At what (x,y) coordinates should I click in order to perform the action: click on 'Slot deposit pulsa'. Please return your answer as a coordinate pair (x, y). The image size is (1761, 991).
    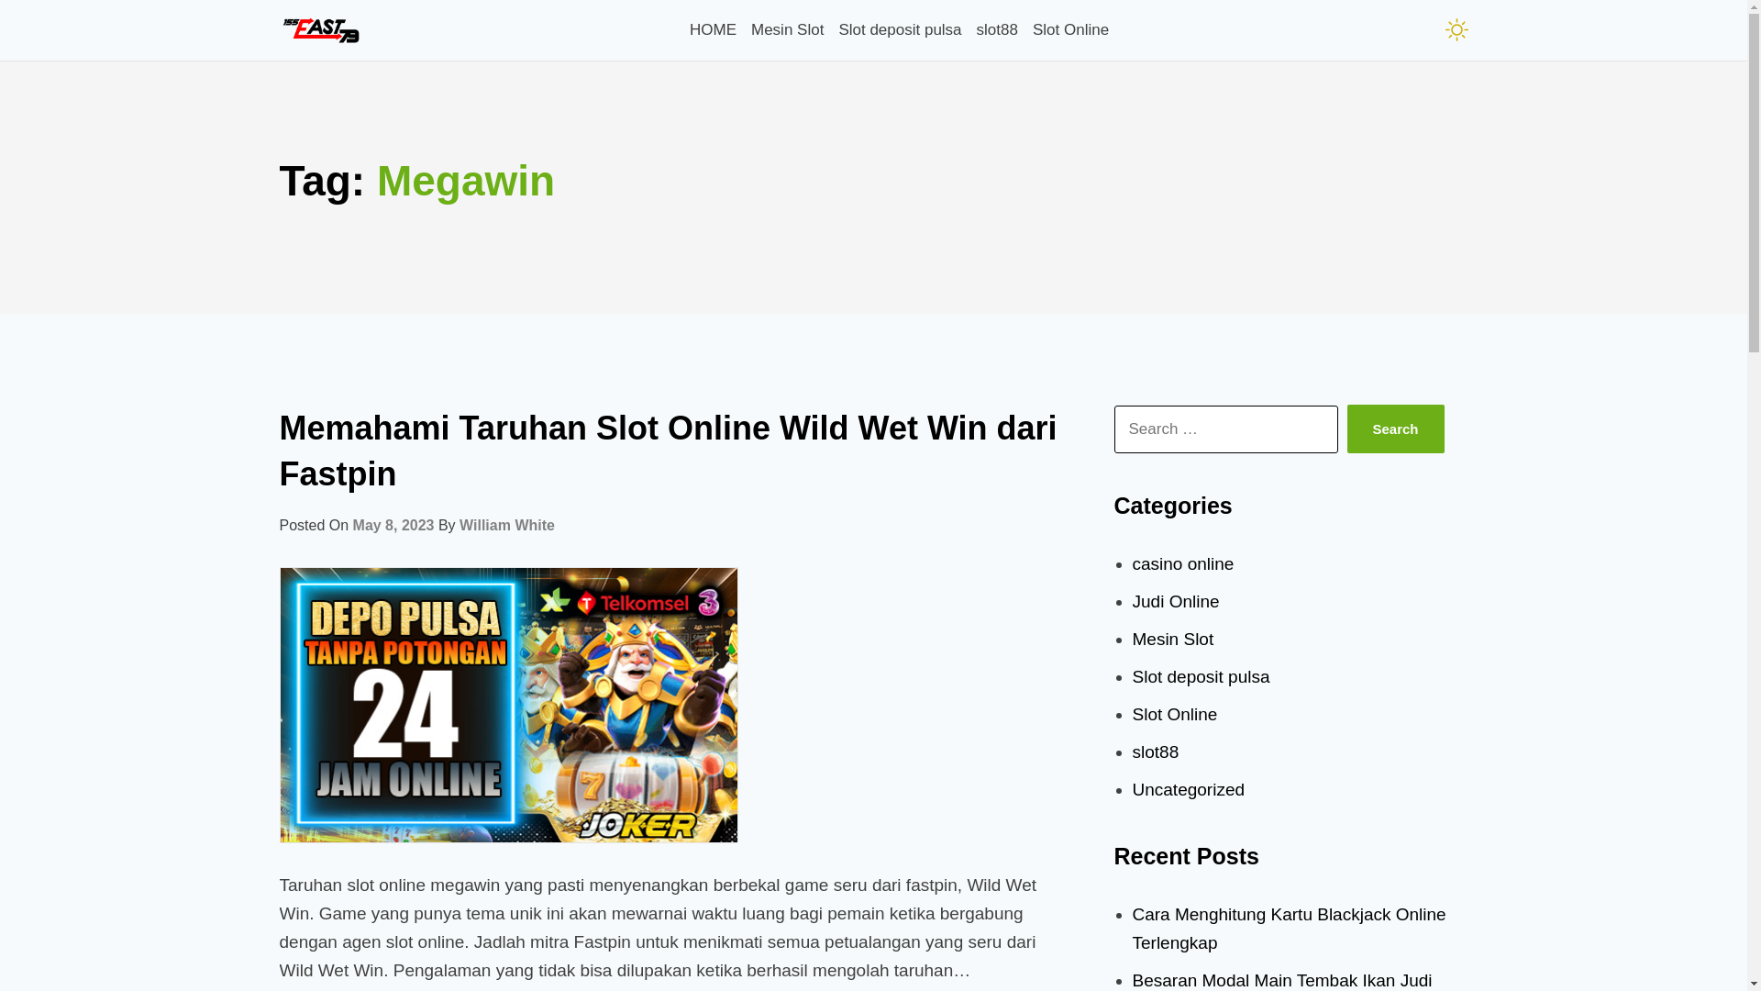
    Looking at the image, I should click on (1201, 676).